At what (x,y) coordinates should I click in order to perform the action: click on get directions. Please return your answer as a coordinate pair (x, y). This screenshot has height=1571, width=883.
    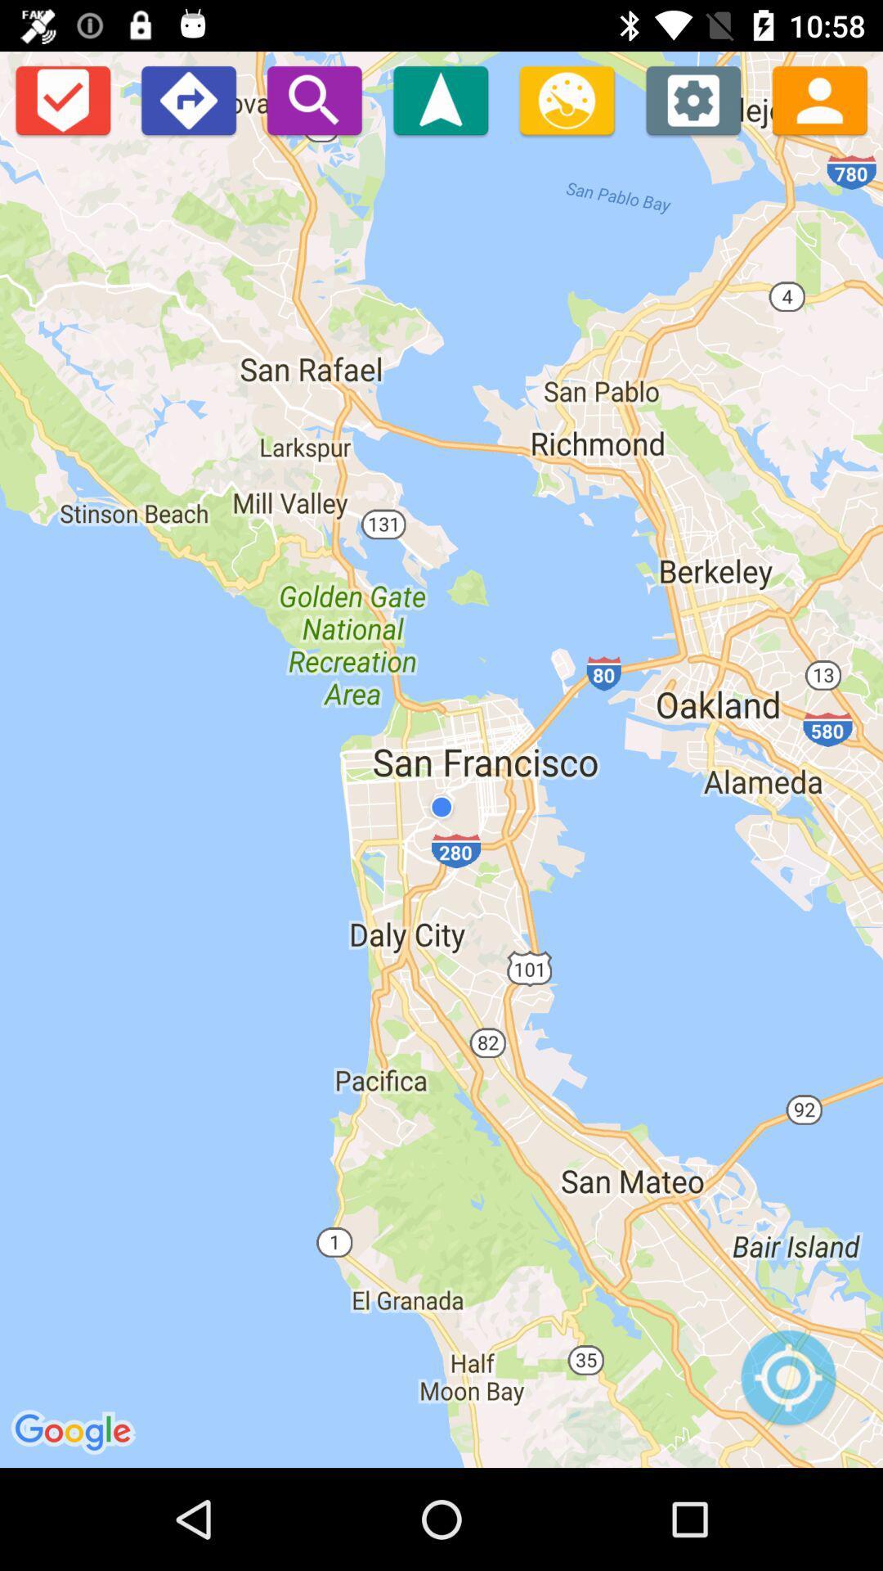
    Looking at the image, I should click on (187, 99).